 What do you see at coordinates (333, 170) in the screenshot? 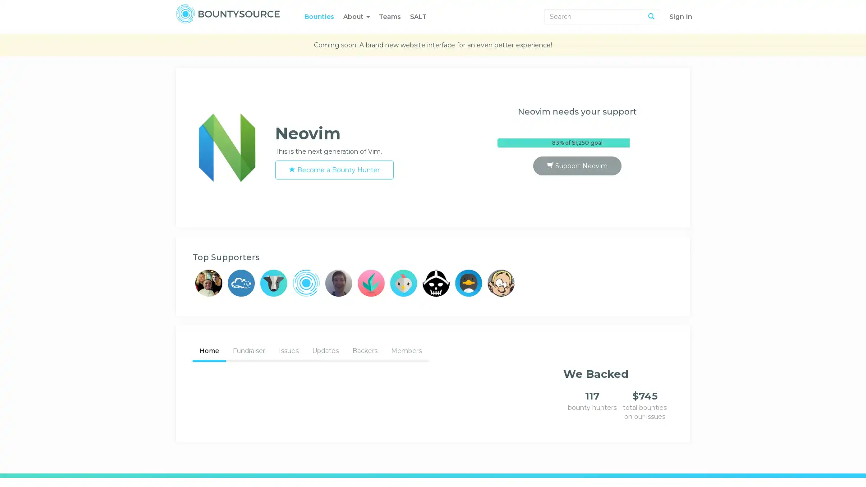
I see `Become a Bounty Hunter` at bounding box center [333, 170].